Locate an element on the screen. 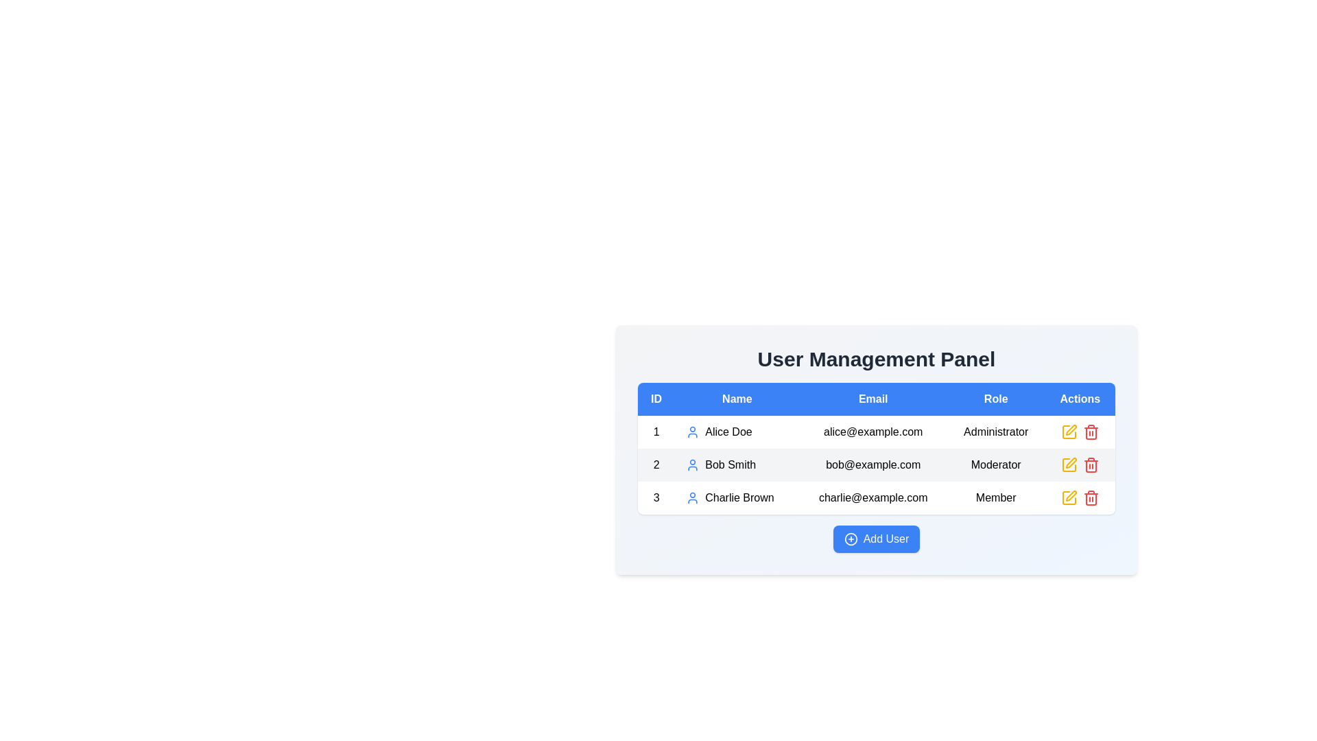  the Text label indicating that Charlie Brown has the role 'Member' in the user management panel is located at coordinates (996, 497).